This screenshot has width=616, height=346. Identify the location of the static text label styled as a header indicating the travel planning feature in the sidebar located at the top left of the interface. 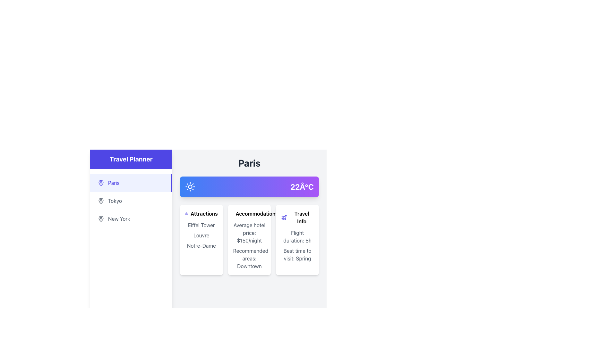
(131, 159).